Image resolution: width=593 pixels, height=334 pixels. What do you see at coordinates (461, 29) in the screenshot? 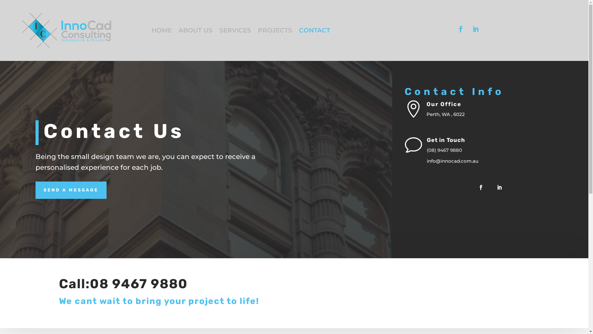
I see `'Follow on Facebook'` at bounding box center [461, 29].